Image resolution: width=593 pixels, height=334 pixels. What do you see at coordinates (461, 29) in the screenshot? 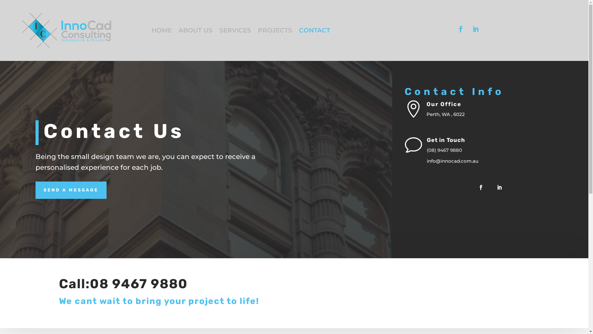
I see `'Follow on Facebook'` at bounding box center [461, 29].